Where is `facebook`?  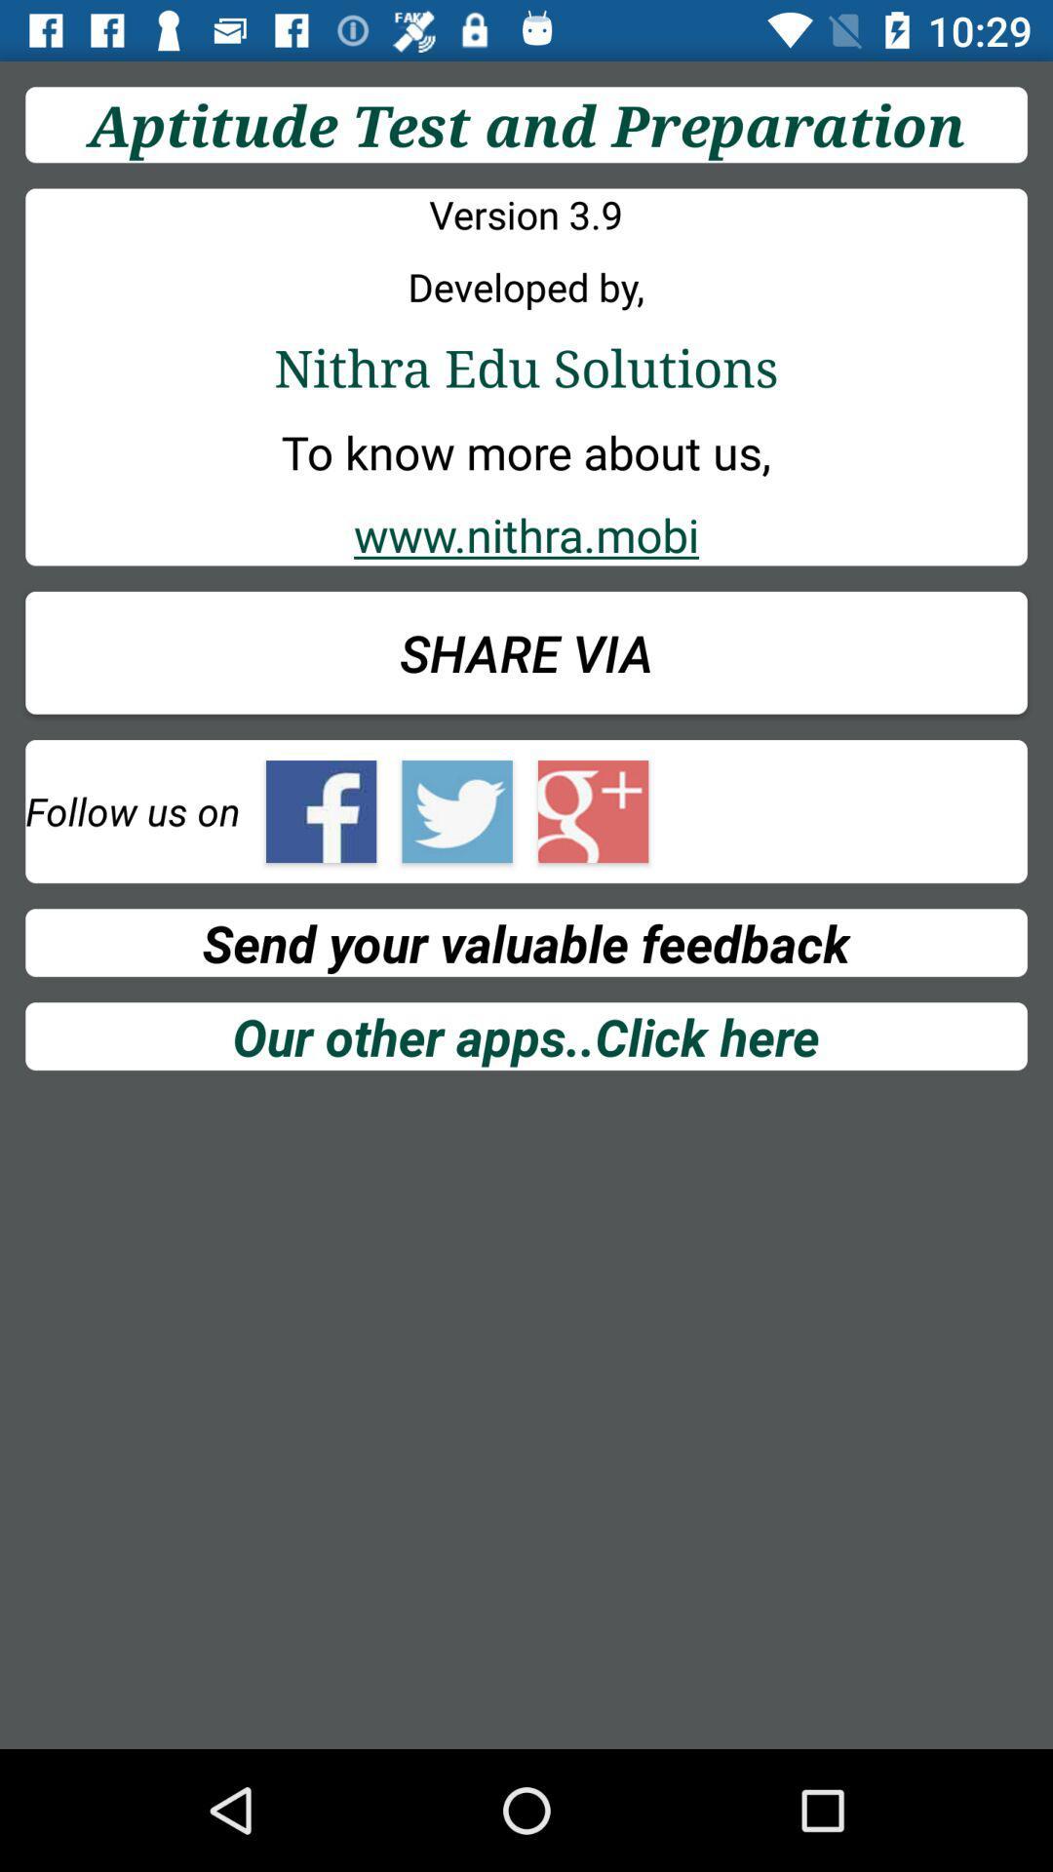
facebook is located at coordinates (320, 811).